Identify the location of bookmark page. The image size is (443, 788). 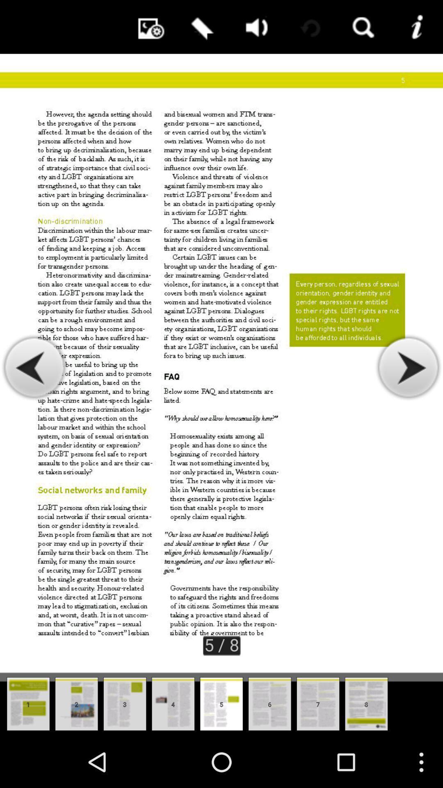
(201, 27).